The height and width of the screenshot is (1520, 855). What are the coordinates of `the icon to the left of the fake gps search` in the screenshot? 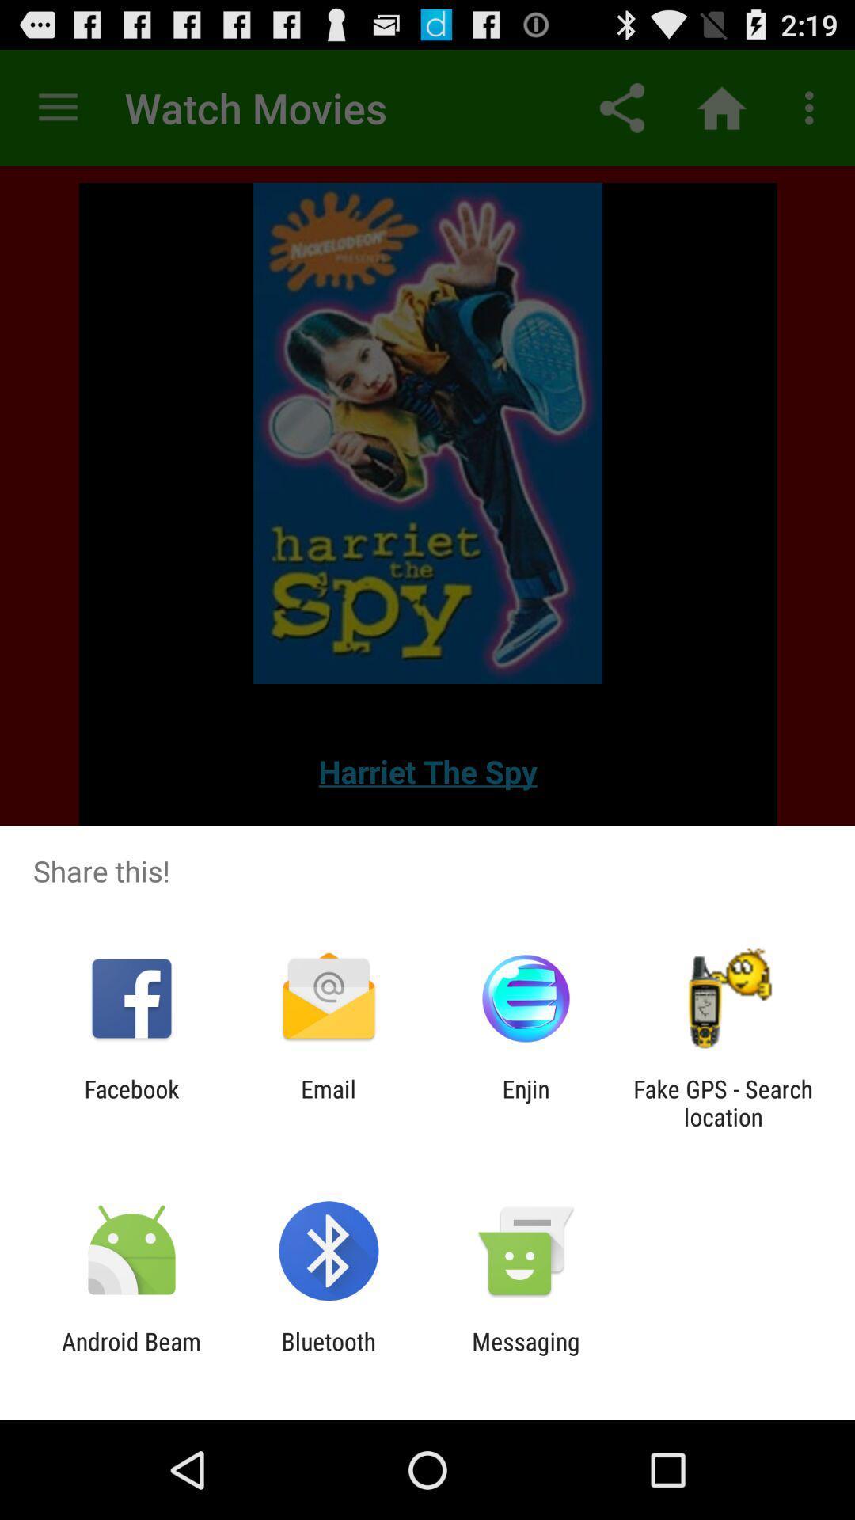 It's located at (526, 1102).